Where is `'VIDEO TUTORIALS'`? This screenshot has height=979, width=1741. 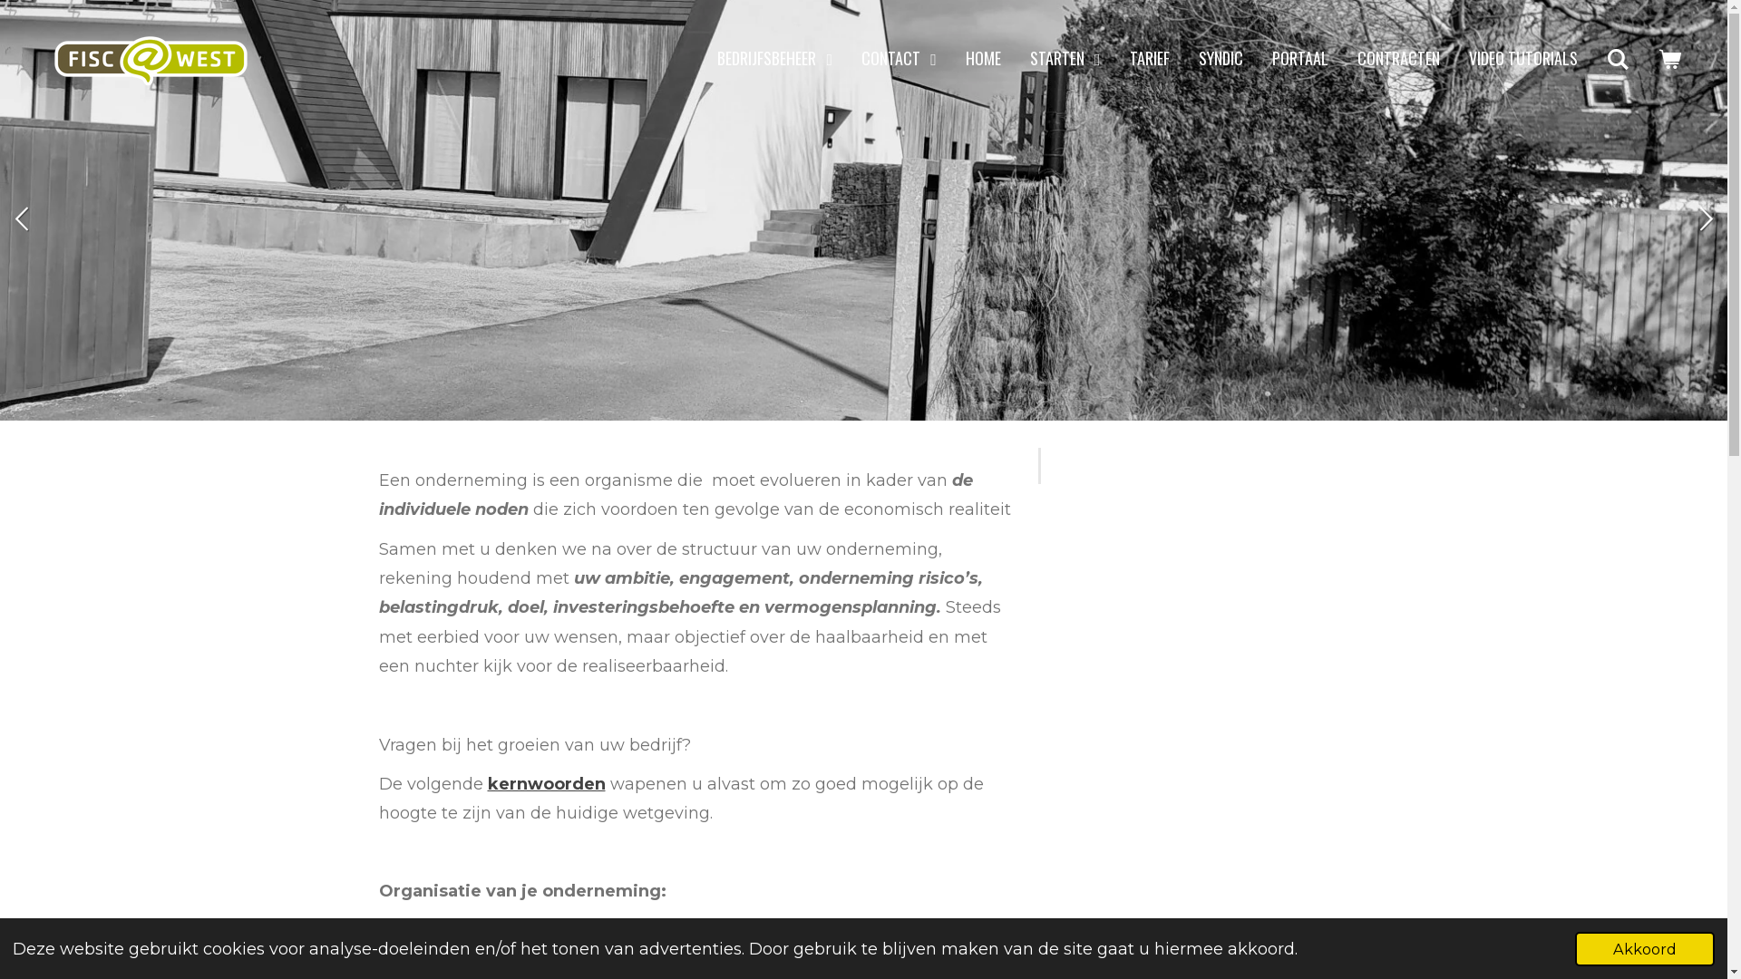 'VIDEO TUTORIALS' is located at coordinates (1458, 57).